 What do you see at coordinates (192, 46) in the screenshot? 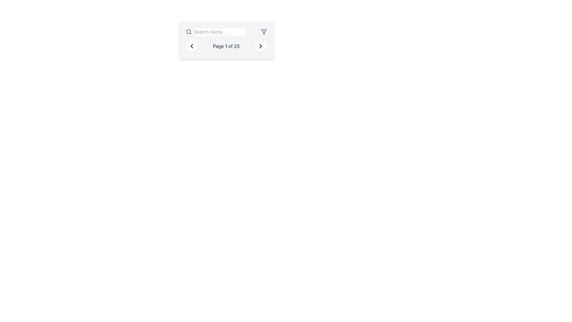
I see `the leftward-pointing chevron arrow icon button located in the navigation bar` at bounding box center [192, 46].